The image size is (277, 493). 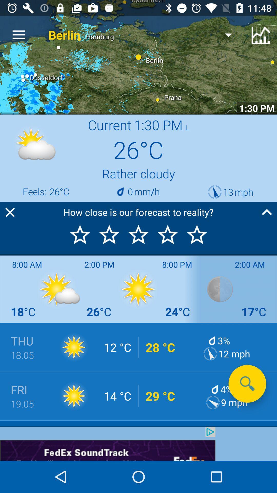 What do you see at coordinates (247, 384) in the screenshot?
I see `the search icon` at bounding box center [247, 384].